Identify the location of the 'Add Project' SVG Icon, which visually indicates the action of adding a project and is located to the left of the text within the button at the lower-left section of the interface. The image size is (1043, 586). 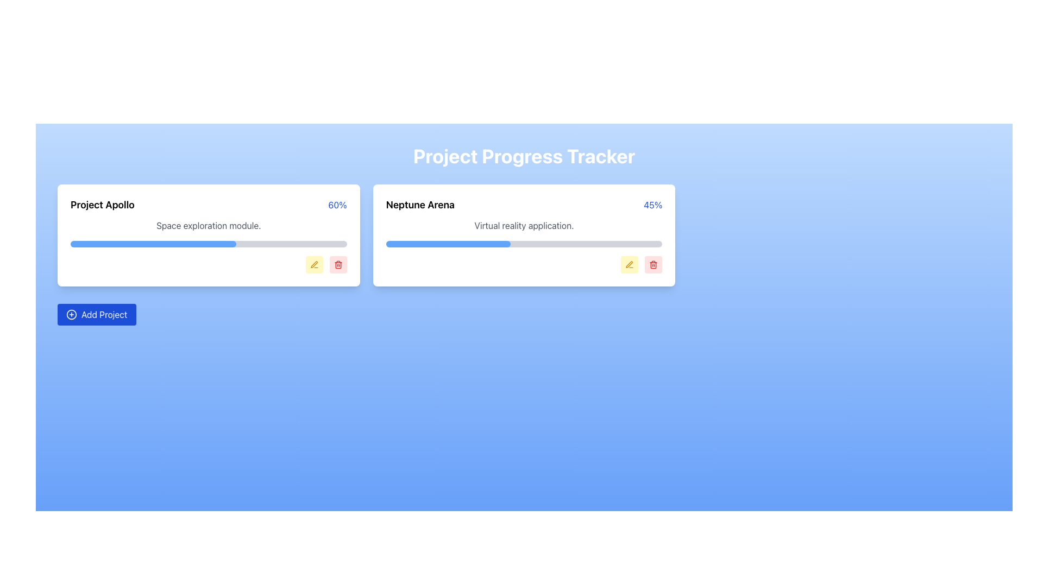
(71, 314).